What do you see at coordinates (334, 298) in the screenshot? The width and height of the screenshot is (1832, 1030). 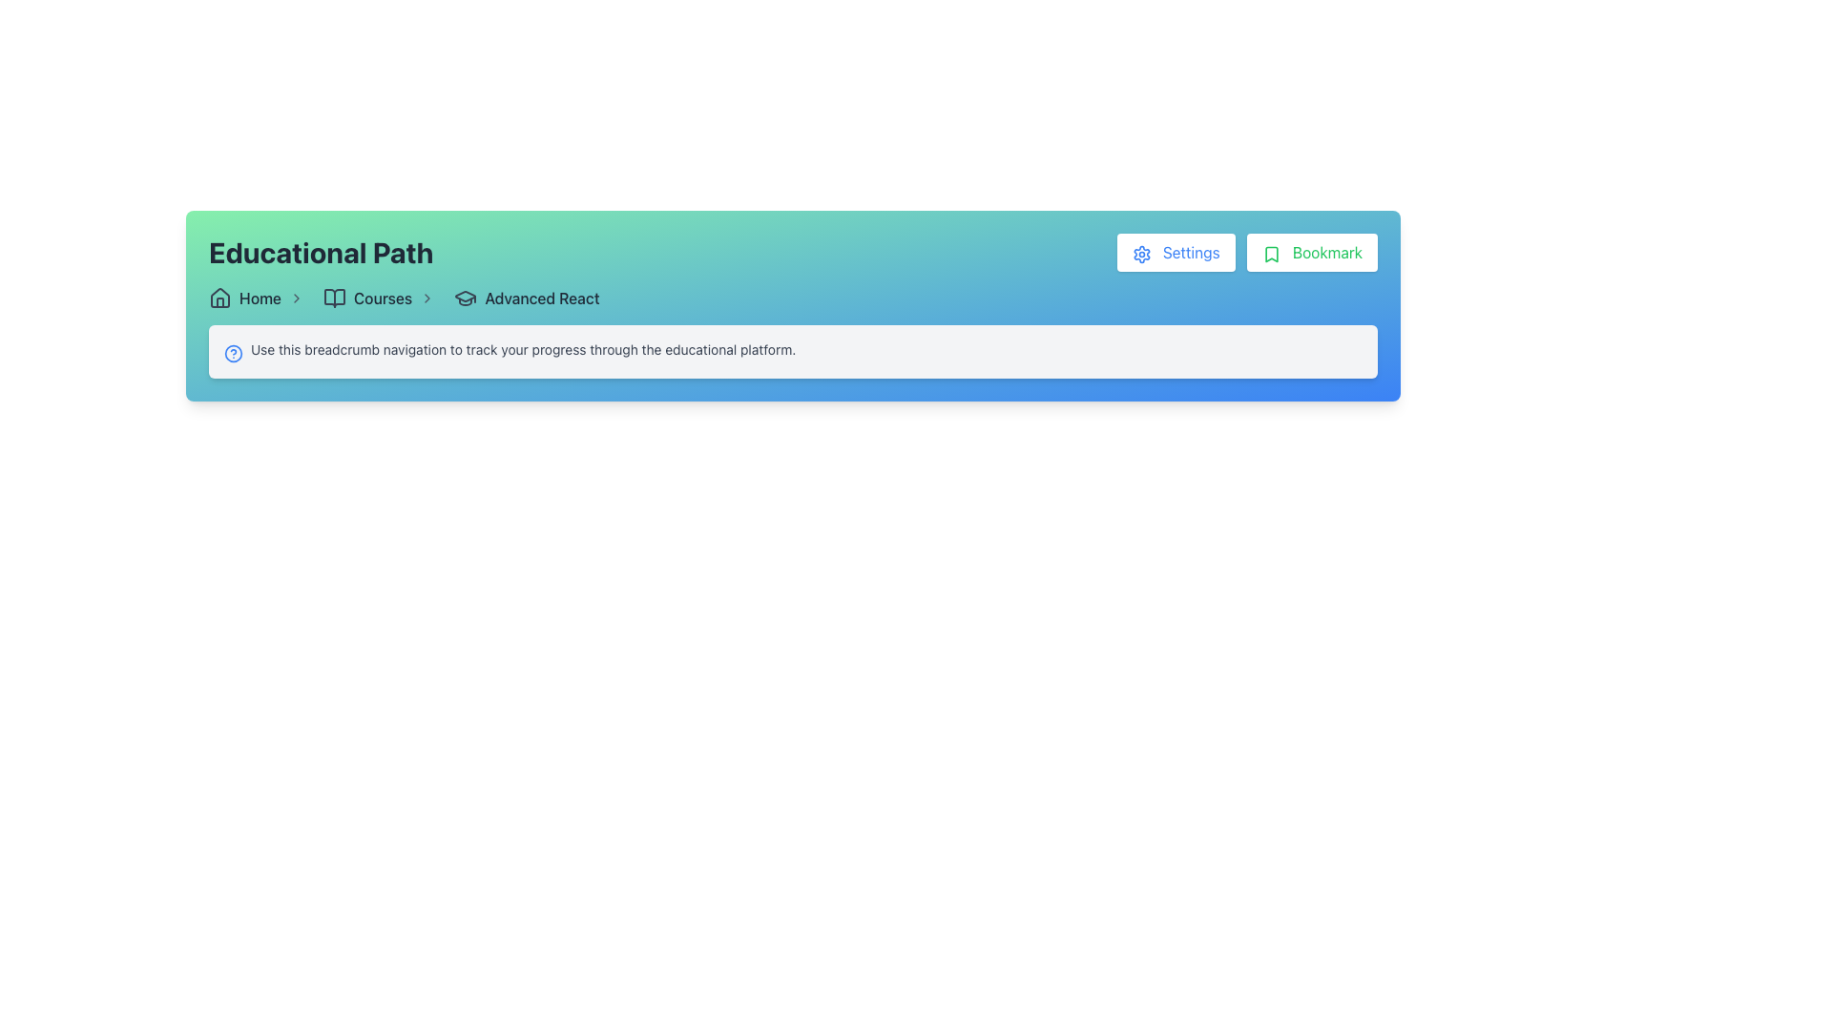 I see `the open book icon in the breadcrumb navigation bar, which is positioned to the left of the 'Courses' label` at bounding box center [334, 298].